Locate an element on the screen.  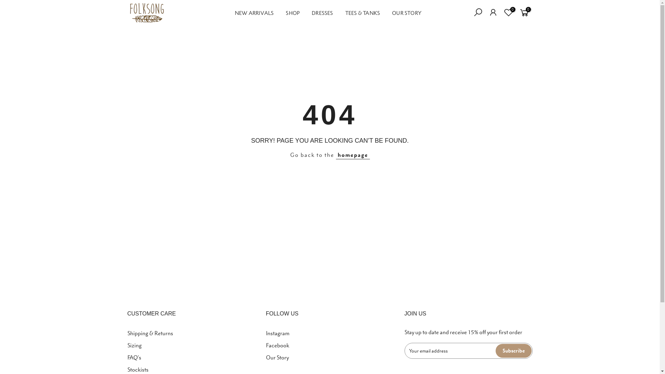
'0' is located at coordinates (500, 13).